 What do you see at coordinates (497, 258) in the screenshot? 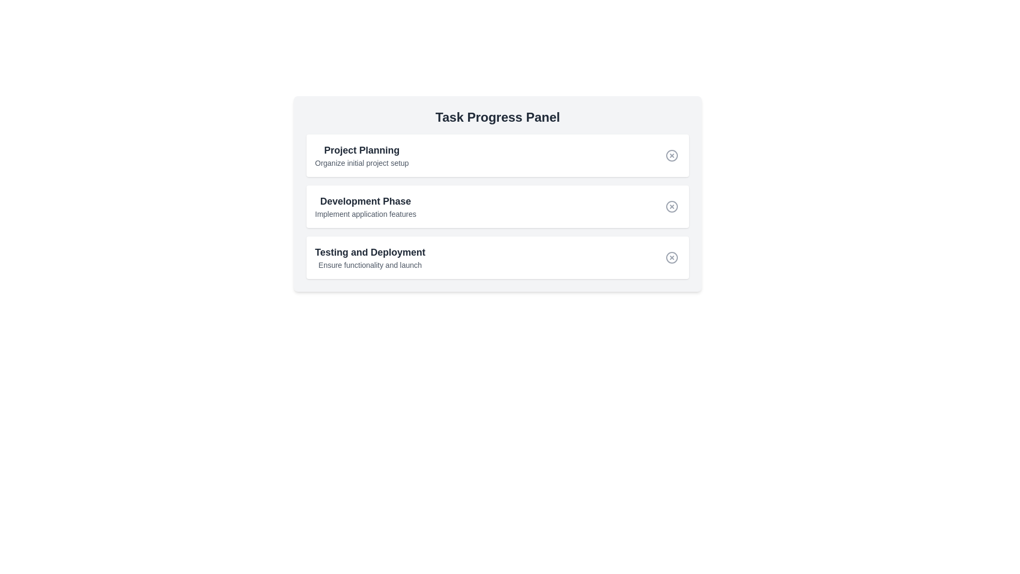
I see `descriptions of the task represented by the third item in the 'Task Progress Panel', which includes a title and a short description` at bounding box center [497, 258].